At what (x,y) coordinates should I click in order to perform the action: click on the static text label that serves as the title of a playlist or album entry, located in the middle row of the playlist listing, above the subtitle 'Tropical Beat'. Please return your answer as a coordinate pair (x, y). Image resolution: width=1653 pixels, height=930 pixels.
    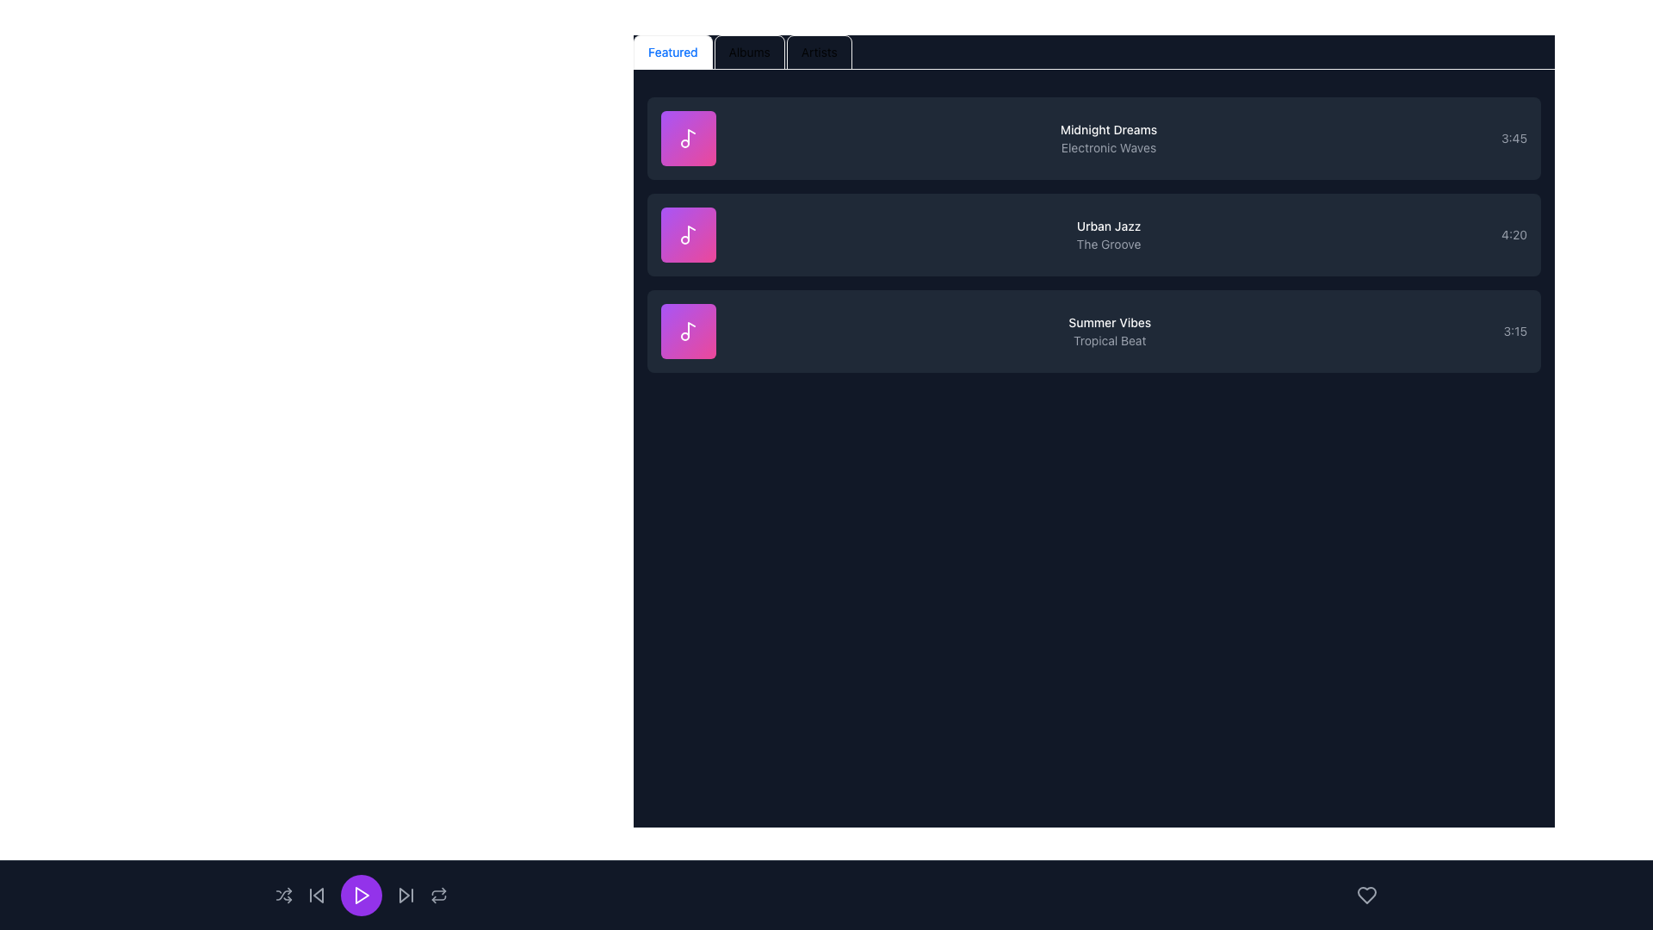
    Looking at the image, I should click on (1110, 322).